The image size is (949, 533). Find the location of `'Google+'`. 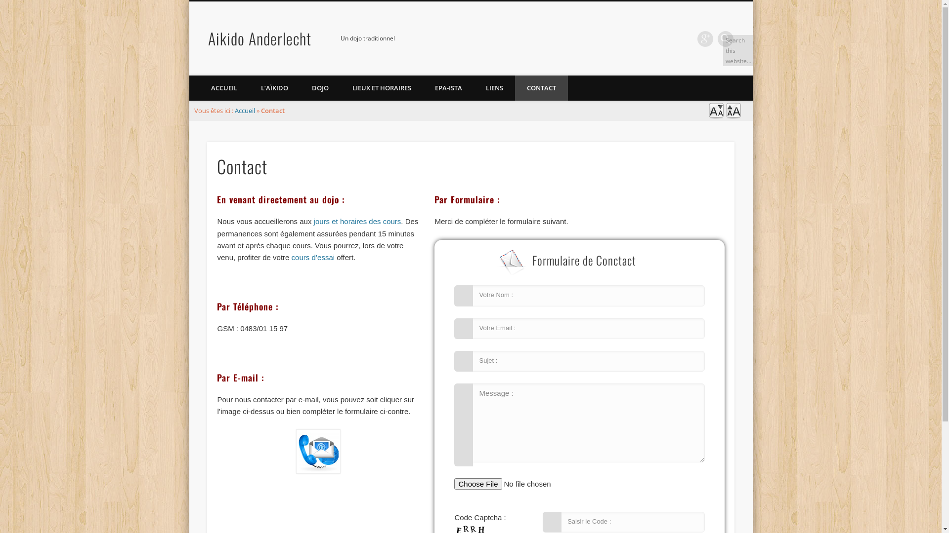

'Google+' is located at coordinates (704, 38).